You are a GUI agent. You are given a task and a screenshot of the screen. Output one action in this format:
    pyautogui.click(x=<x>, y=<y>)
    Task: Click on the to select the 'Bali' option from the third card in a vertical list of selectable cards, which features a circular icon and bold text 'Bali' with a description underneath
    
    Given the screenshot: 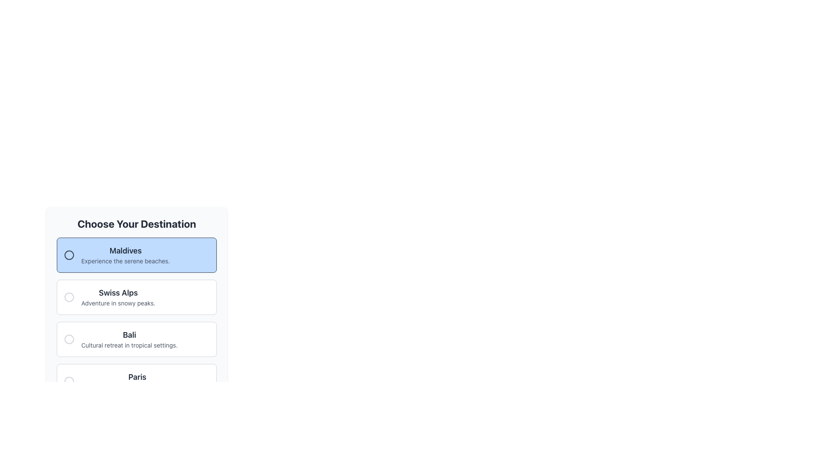 What is the action you would take?
    pyautogui.click(x=136, y=339)
    